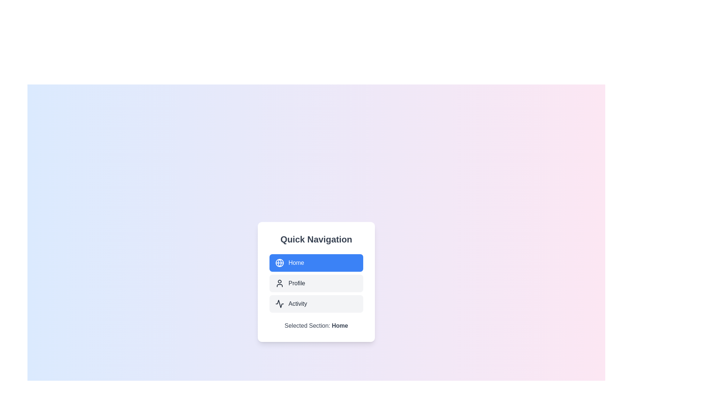 This screenshot has width=703, height=395. I want to click on the 'Home' text label within the 'Quick Navigation' menu for context menu options, so click(296, 262).